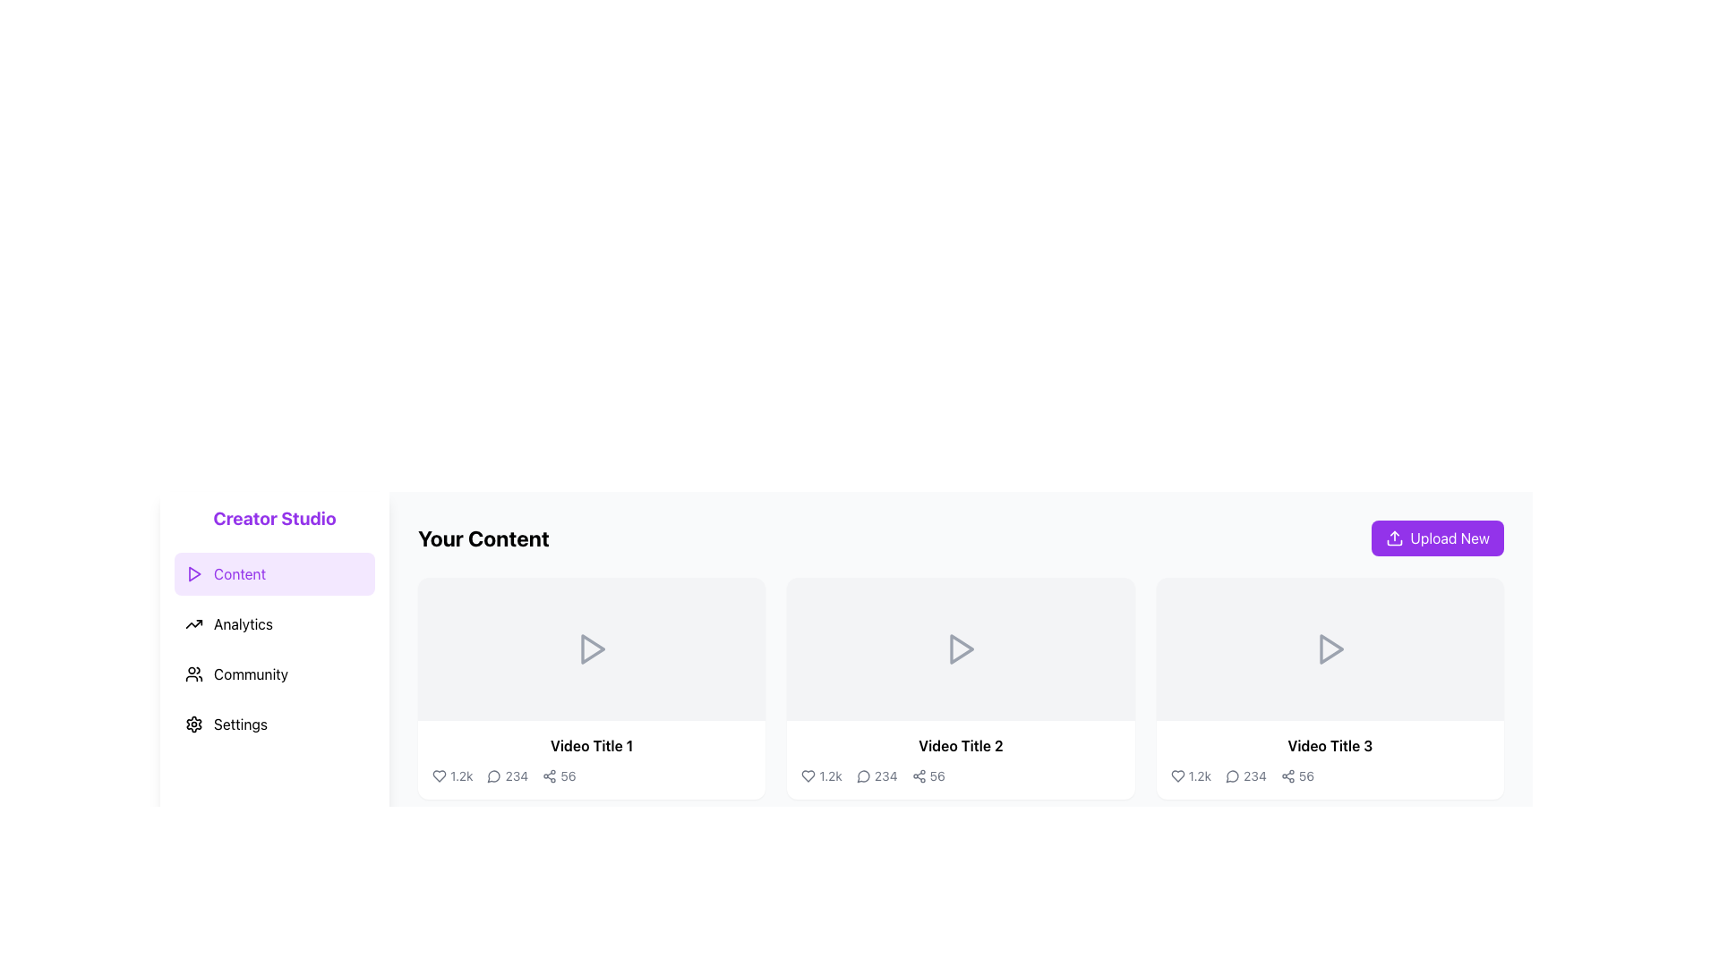 This screenshot has height=966, width=1719. I want to click on the heart icon, so click(1177, 775).